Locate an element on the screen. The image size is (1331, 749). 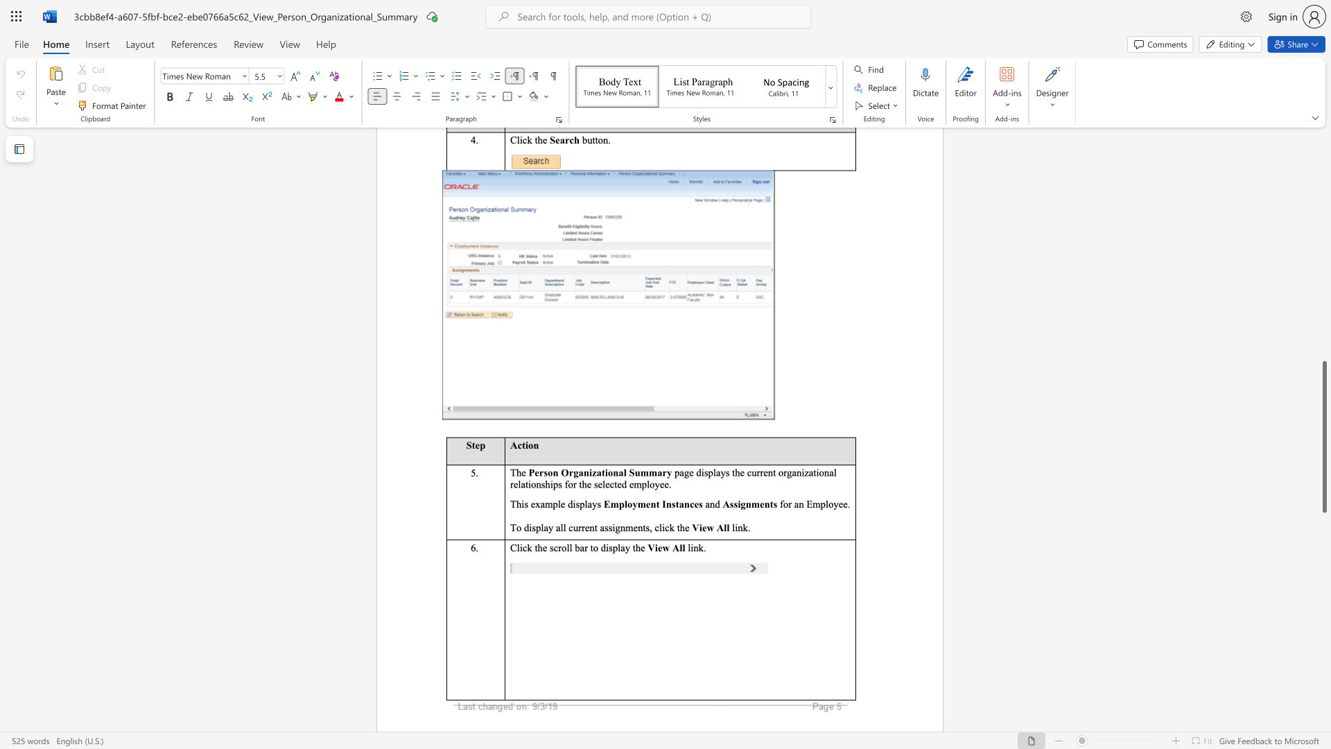
the subset text "Summ" within the text "Person Organizational Summary" is located at coordinates (628, 472).